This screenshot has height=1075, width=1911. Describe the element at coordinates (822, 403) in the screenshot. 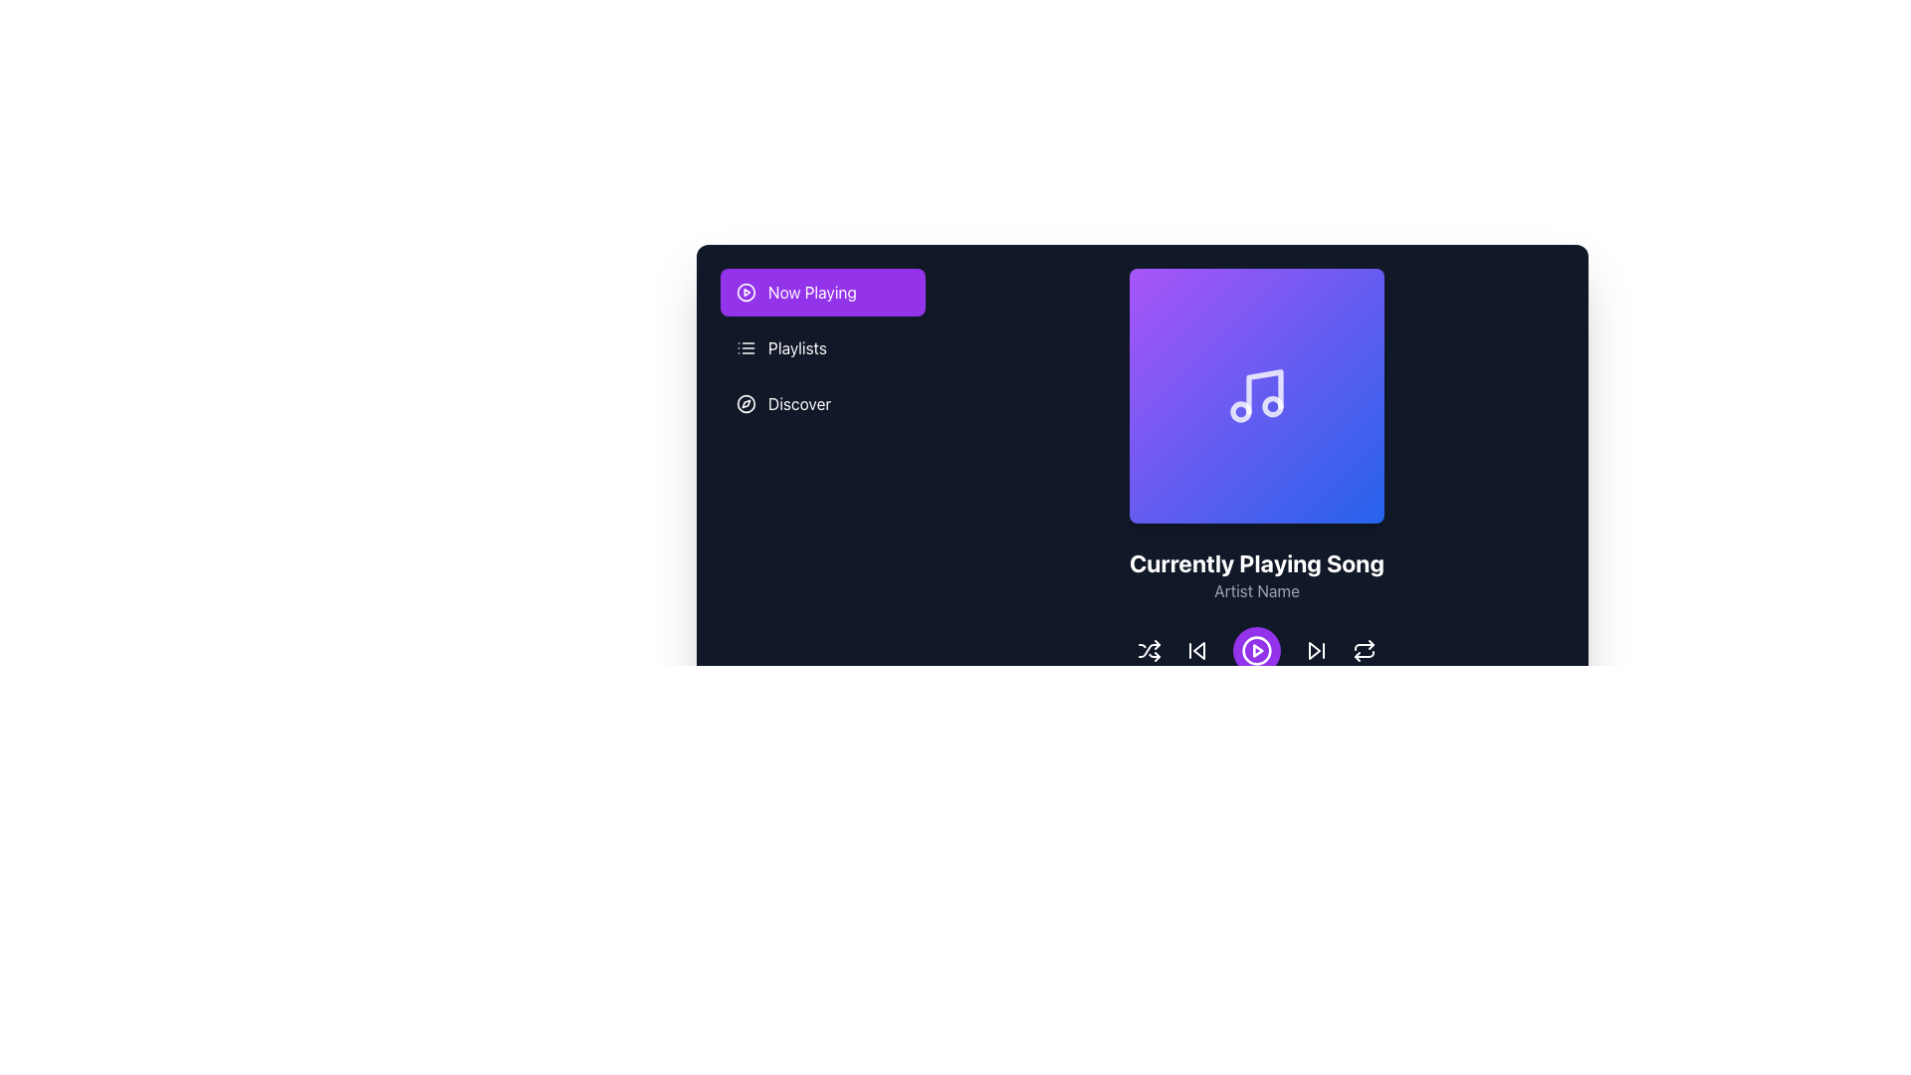

I see `the navigational button located at the bottom of the vertical menu` at that location.